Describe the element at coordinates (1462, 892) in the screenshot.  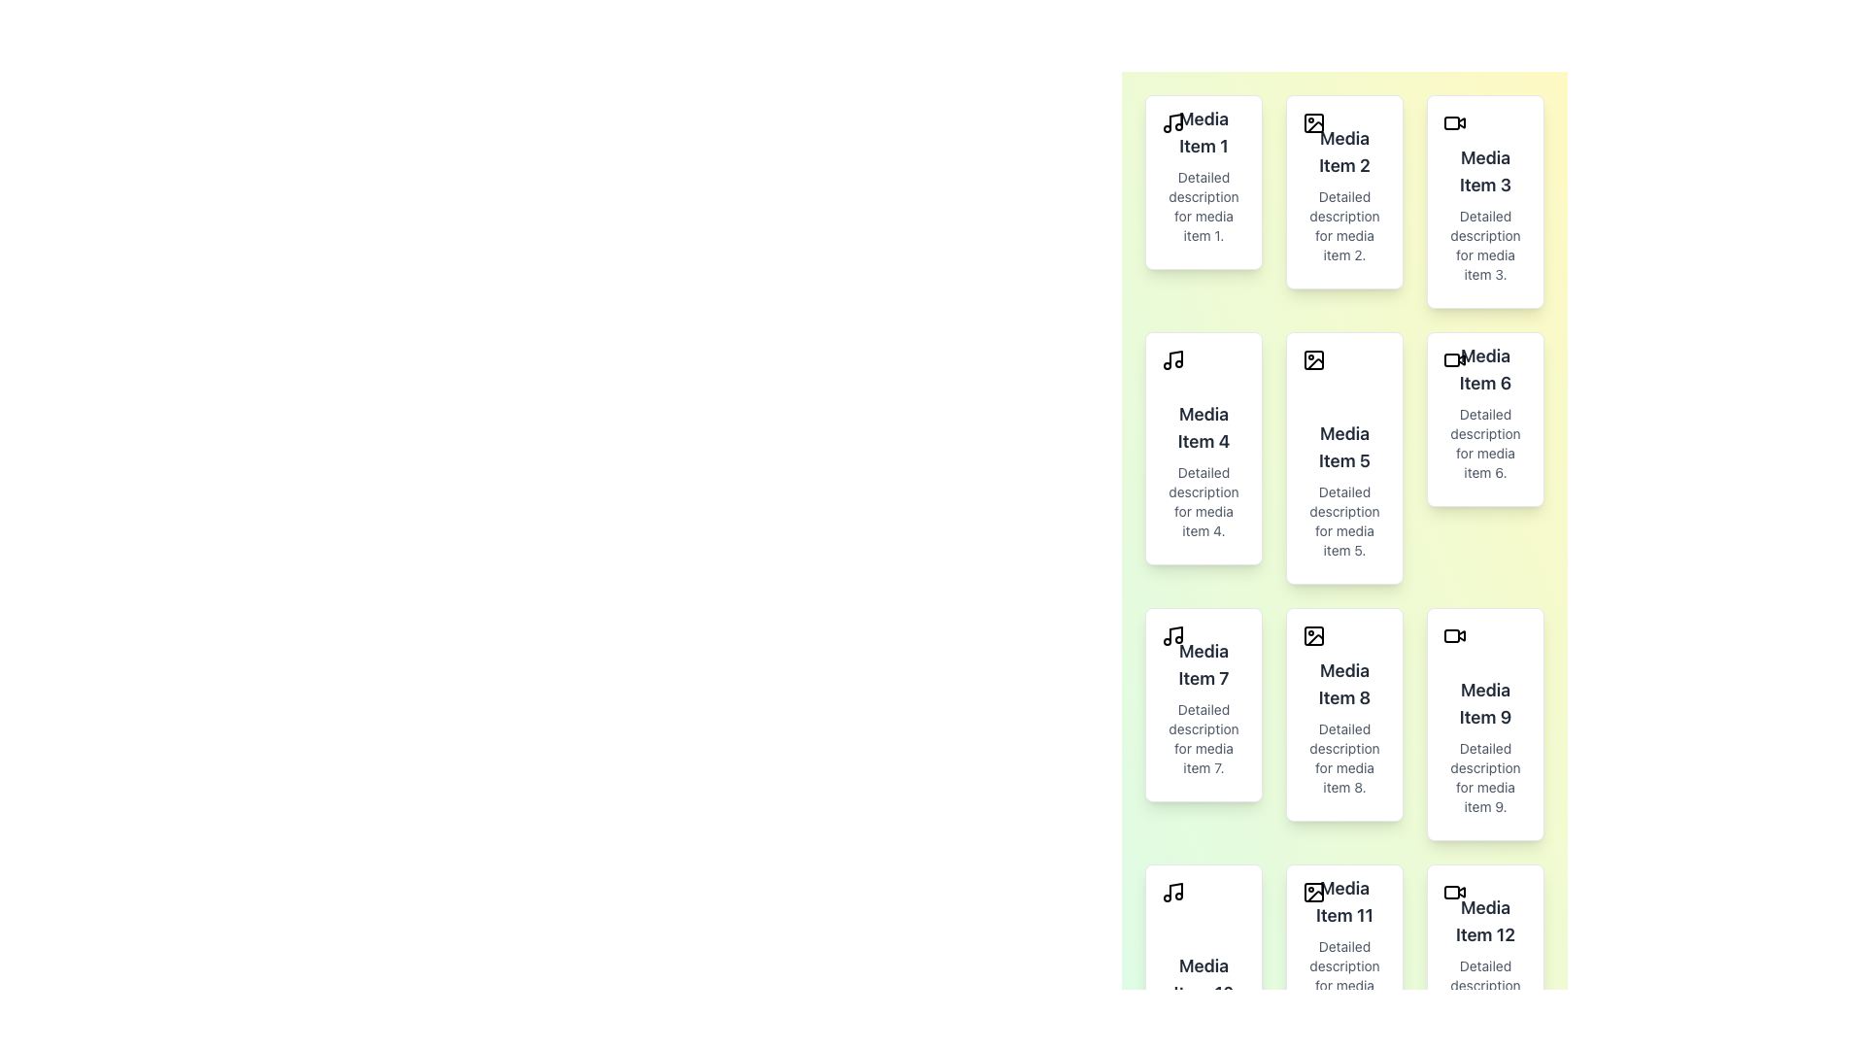
I see `the decorative icon component of the video symbol in 'Media Item 12', located in the last row of the grid layout on the far right column` at that location.